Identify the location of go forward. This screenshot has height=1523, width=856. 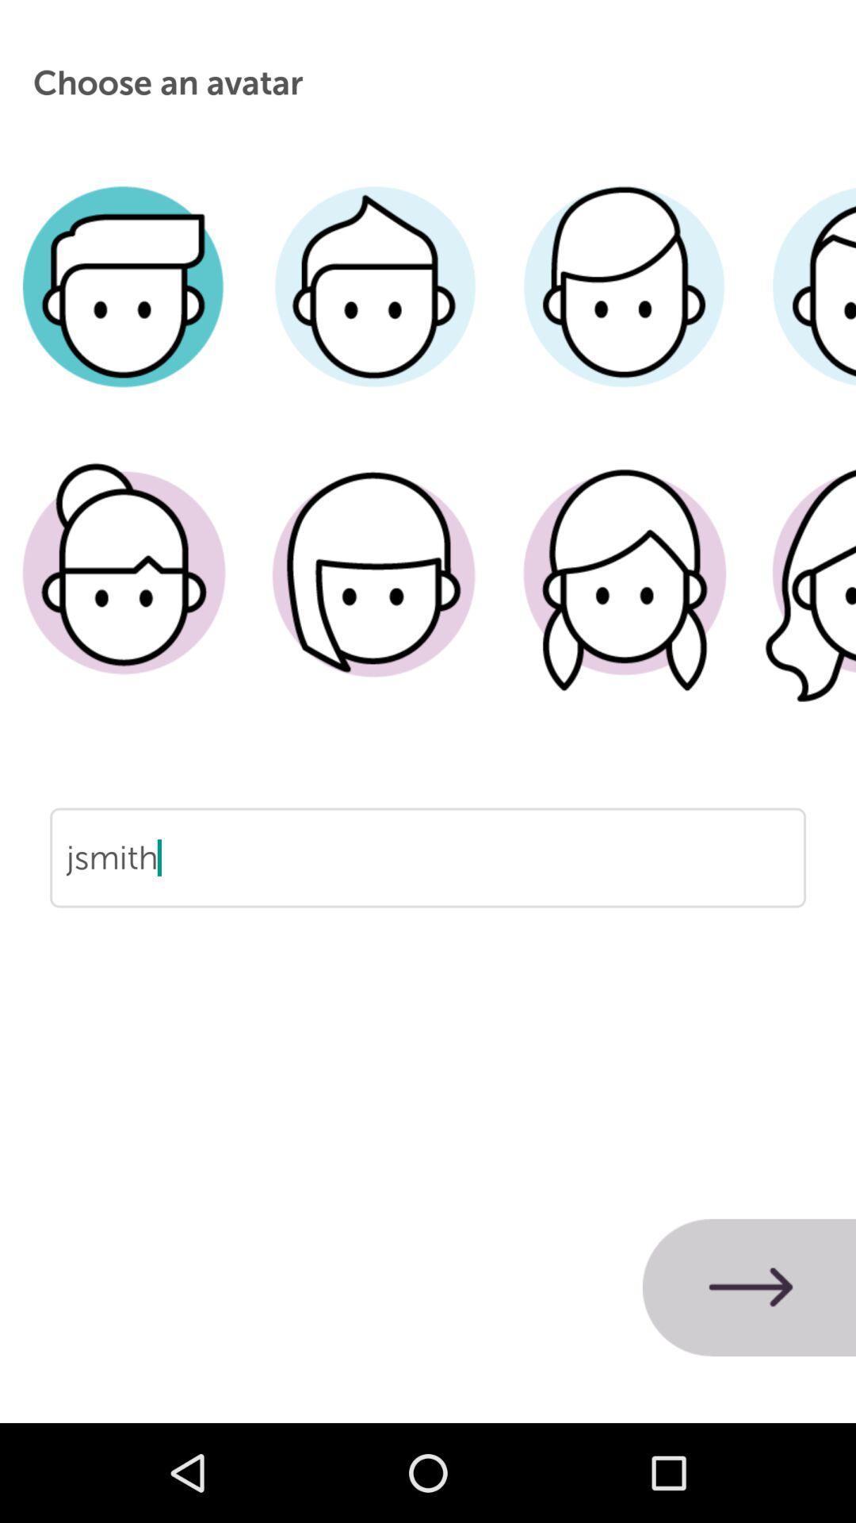
(749, 1287).